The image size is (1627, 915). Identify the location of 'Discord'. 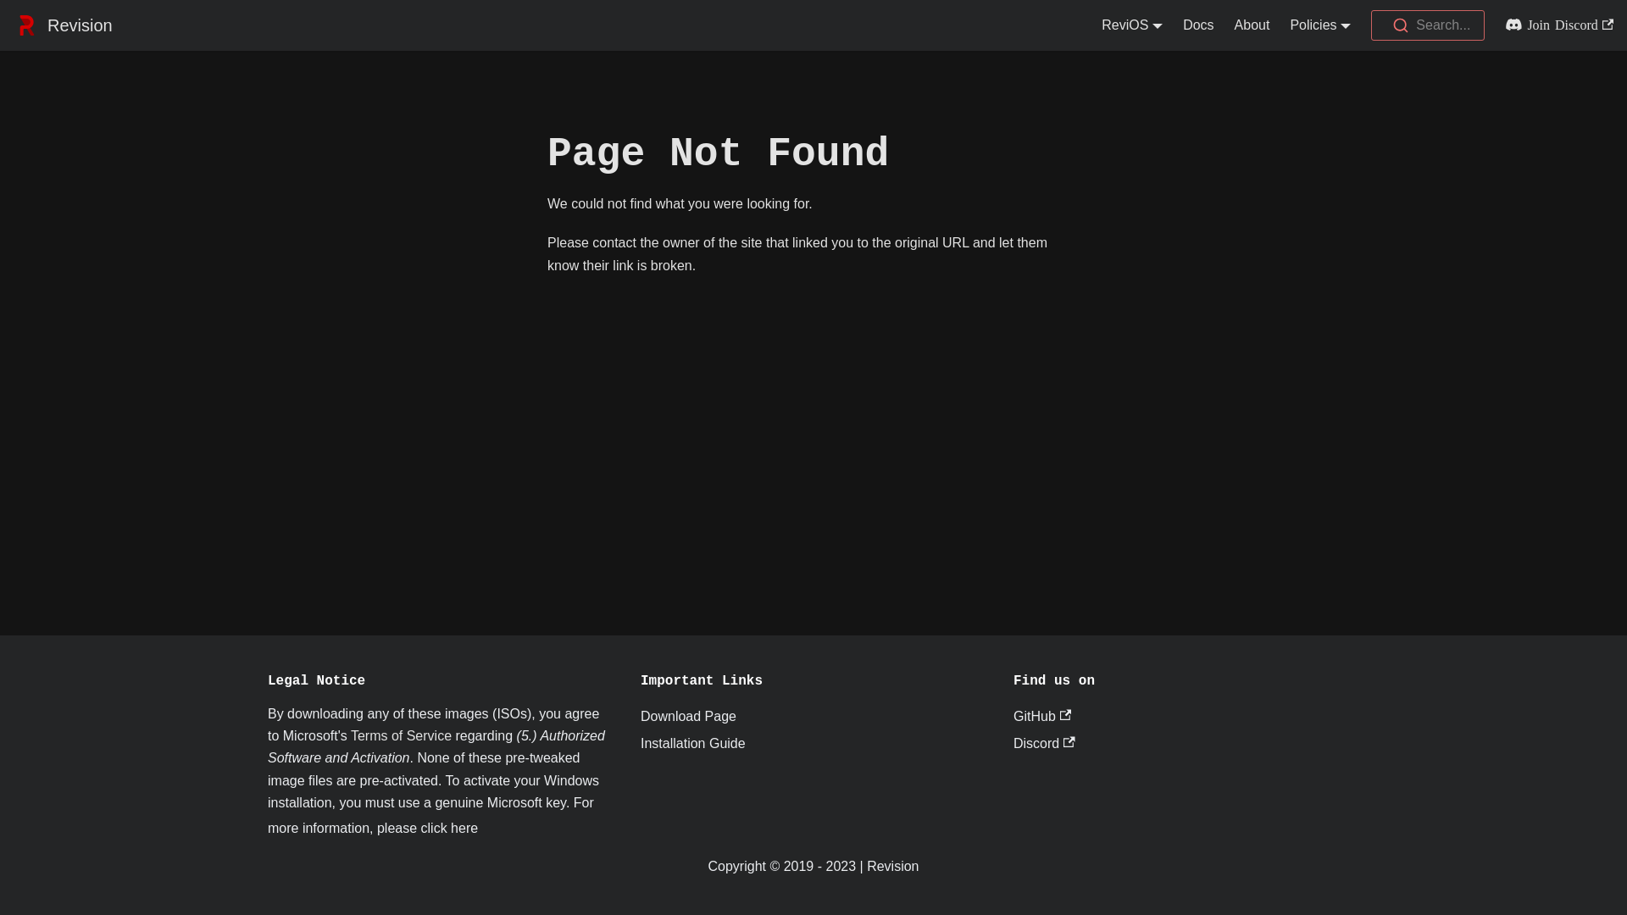
(1043, 742).